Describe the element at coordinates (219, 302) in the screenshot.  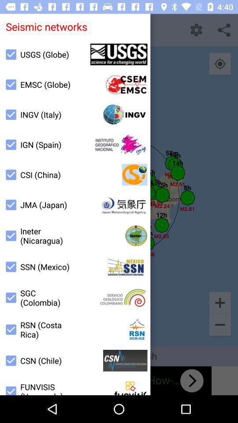
I see `the add icon` at that location.